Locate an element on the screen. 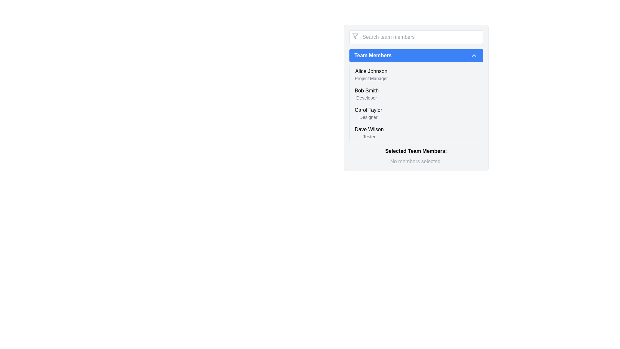 This screenshot has width=620, height=349. the static text label displaying 'Alice Johnson', which is styled with medium font weight and appears above the title 'Project Manager' in the team member list is located at coordinates (371, 71).